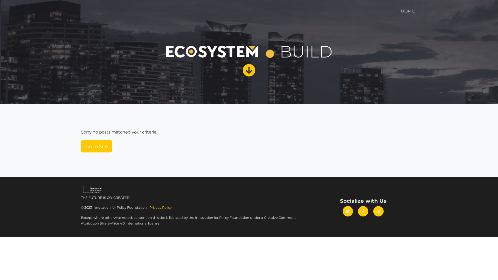  Describe the element at coordinates (408, 11) in the screenshot. I see `'HOME'` at that location.